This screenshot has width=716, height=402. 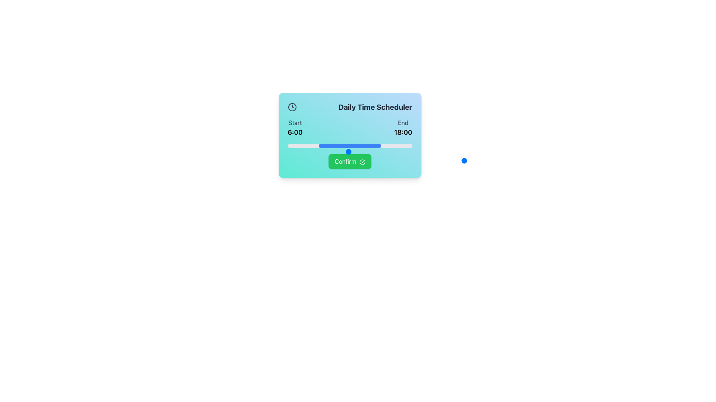 What do you see at coordinates (406, 151) in the screenshot?
I see `the handle of the horizontal range slider, which is currently set at a value of 6` at bounding box center [406, 151].